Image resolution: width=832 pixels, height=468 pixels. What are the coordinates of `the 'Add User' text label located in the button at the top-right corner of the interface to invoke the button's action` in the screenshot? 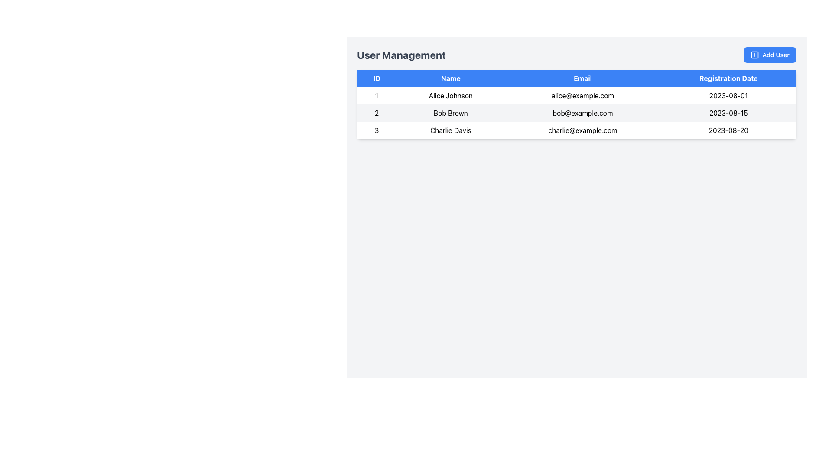 It's located at (776, 55).